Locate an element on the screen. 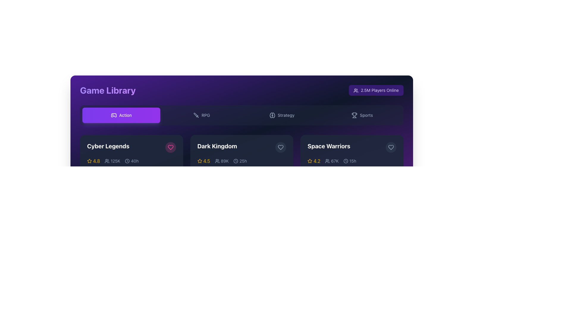 The height and width of the screenshot is (321, 571). the clock icon and text label displaying '25h', which is located to the right of the '89K' people icon is located at coordinates (240, 161).